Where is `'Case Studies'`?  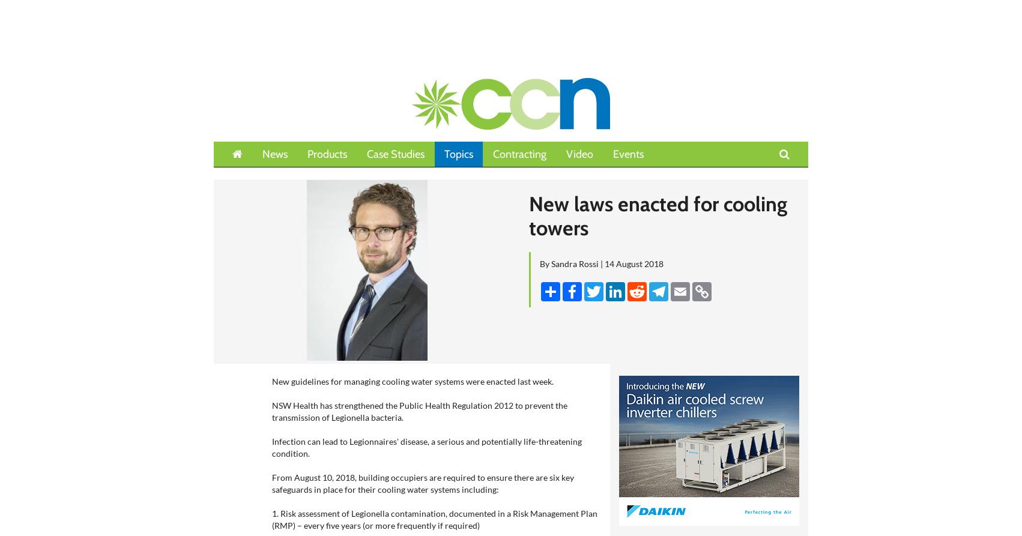 'Case Studies' is located at coordinates (396, 154).